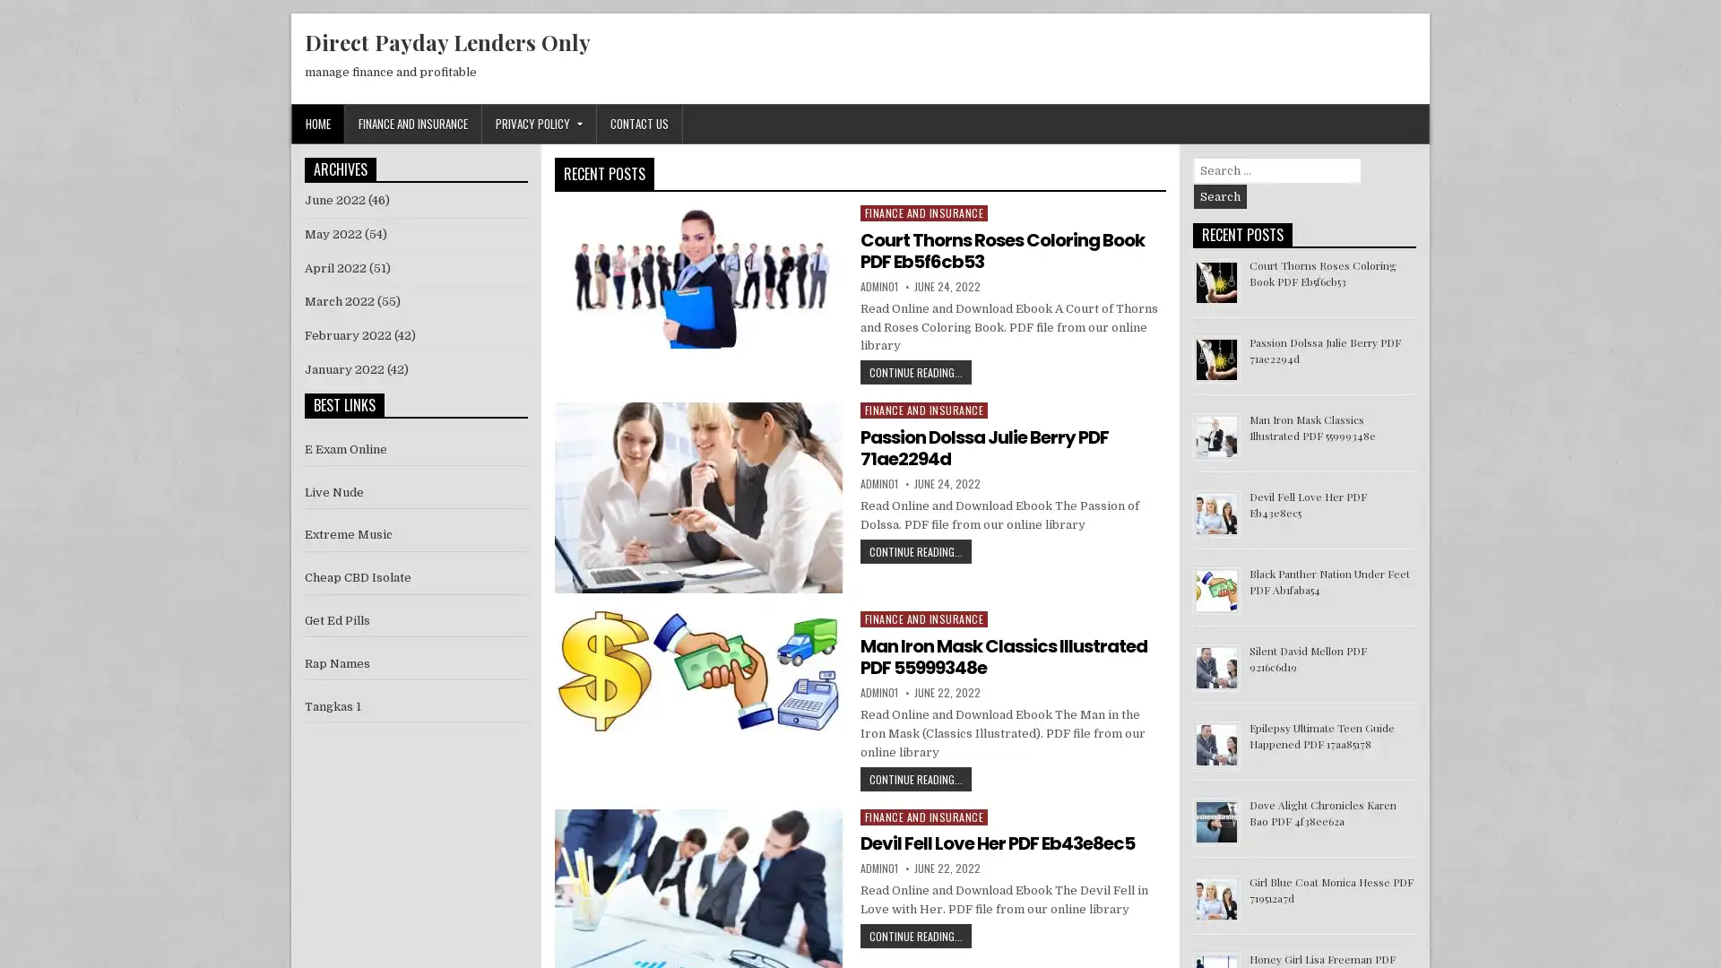 The height and width of the screenshot is (968, 1721). Describe the element at coordinates (1219, 196) in the screenshot. I see `Search` at that location.